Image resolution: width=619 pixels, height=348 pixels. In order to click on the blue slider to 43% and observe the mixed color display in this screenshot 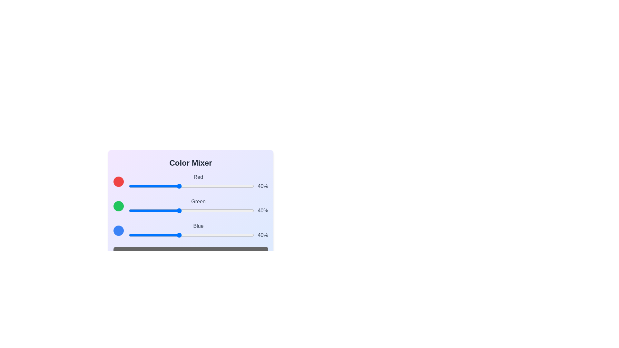, I will do `click(182, 235)`.